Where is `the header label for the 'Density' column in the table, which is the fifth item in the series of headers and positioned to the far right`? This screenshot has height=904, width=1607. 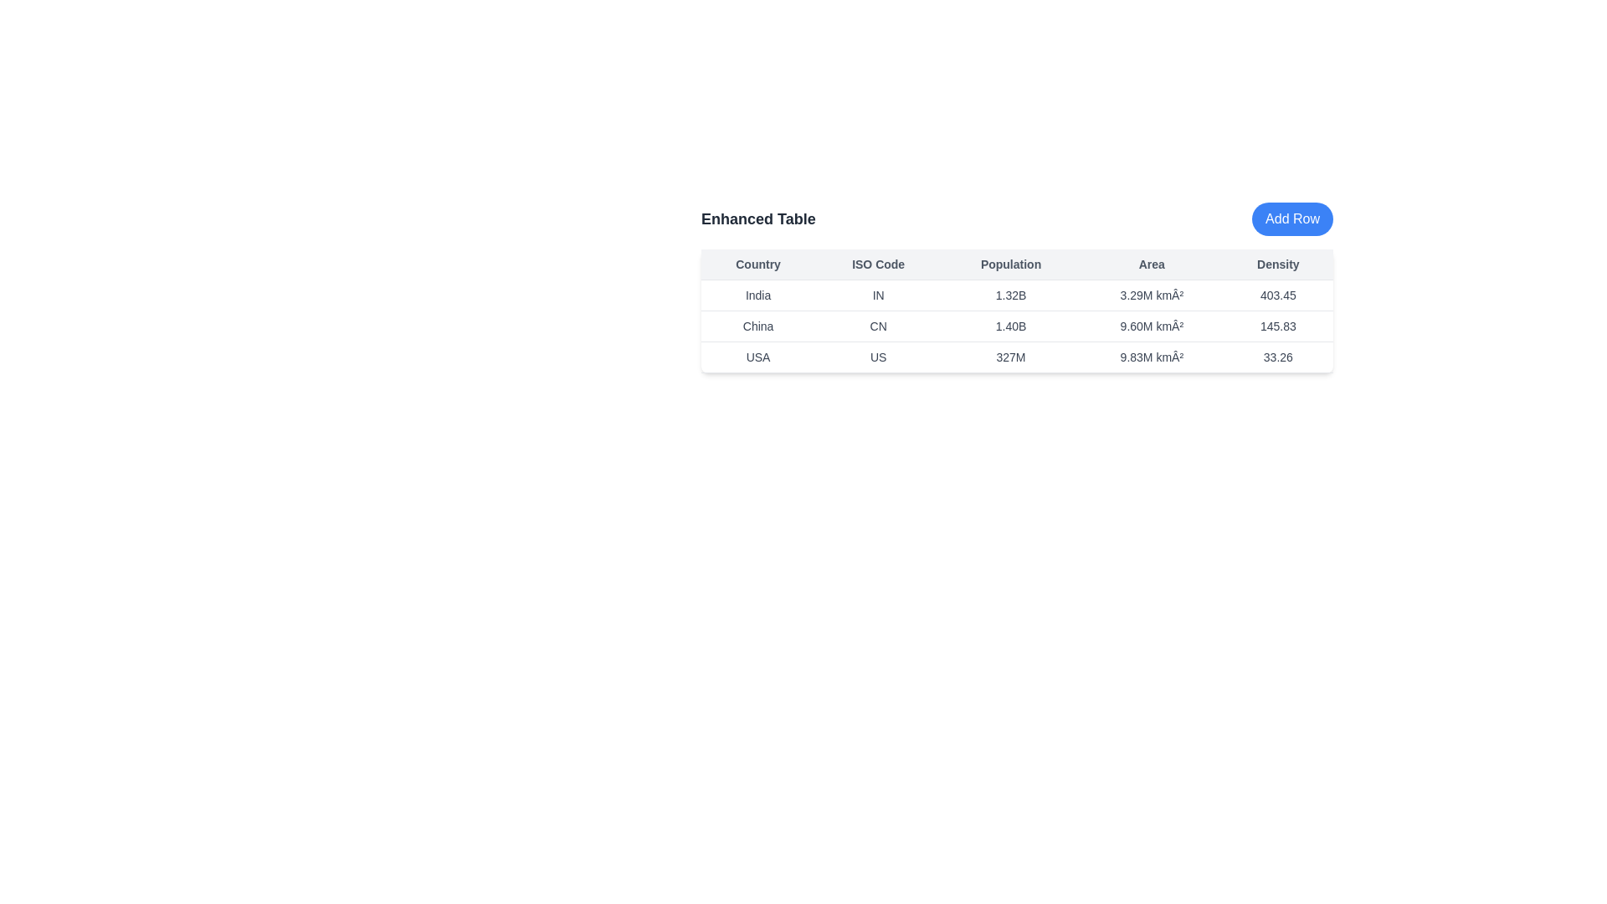
the header label for the 'Density' column in the table, which is the fifth item in the series of headers and positioned to the far right is located at coordinates (1277, 264).